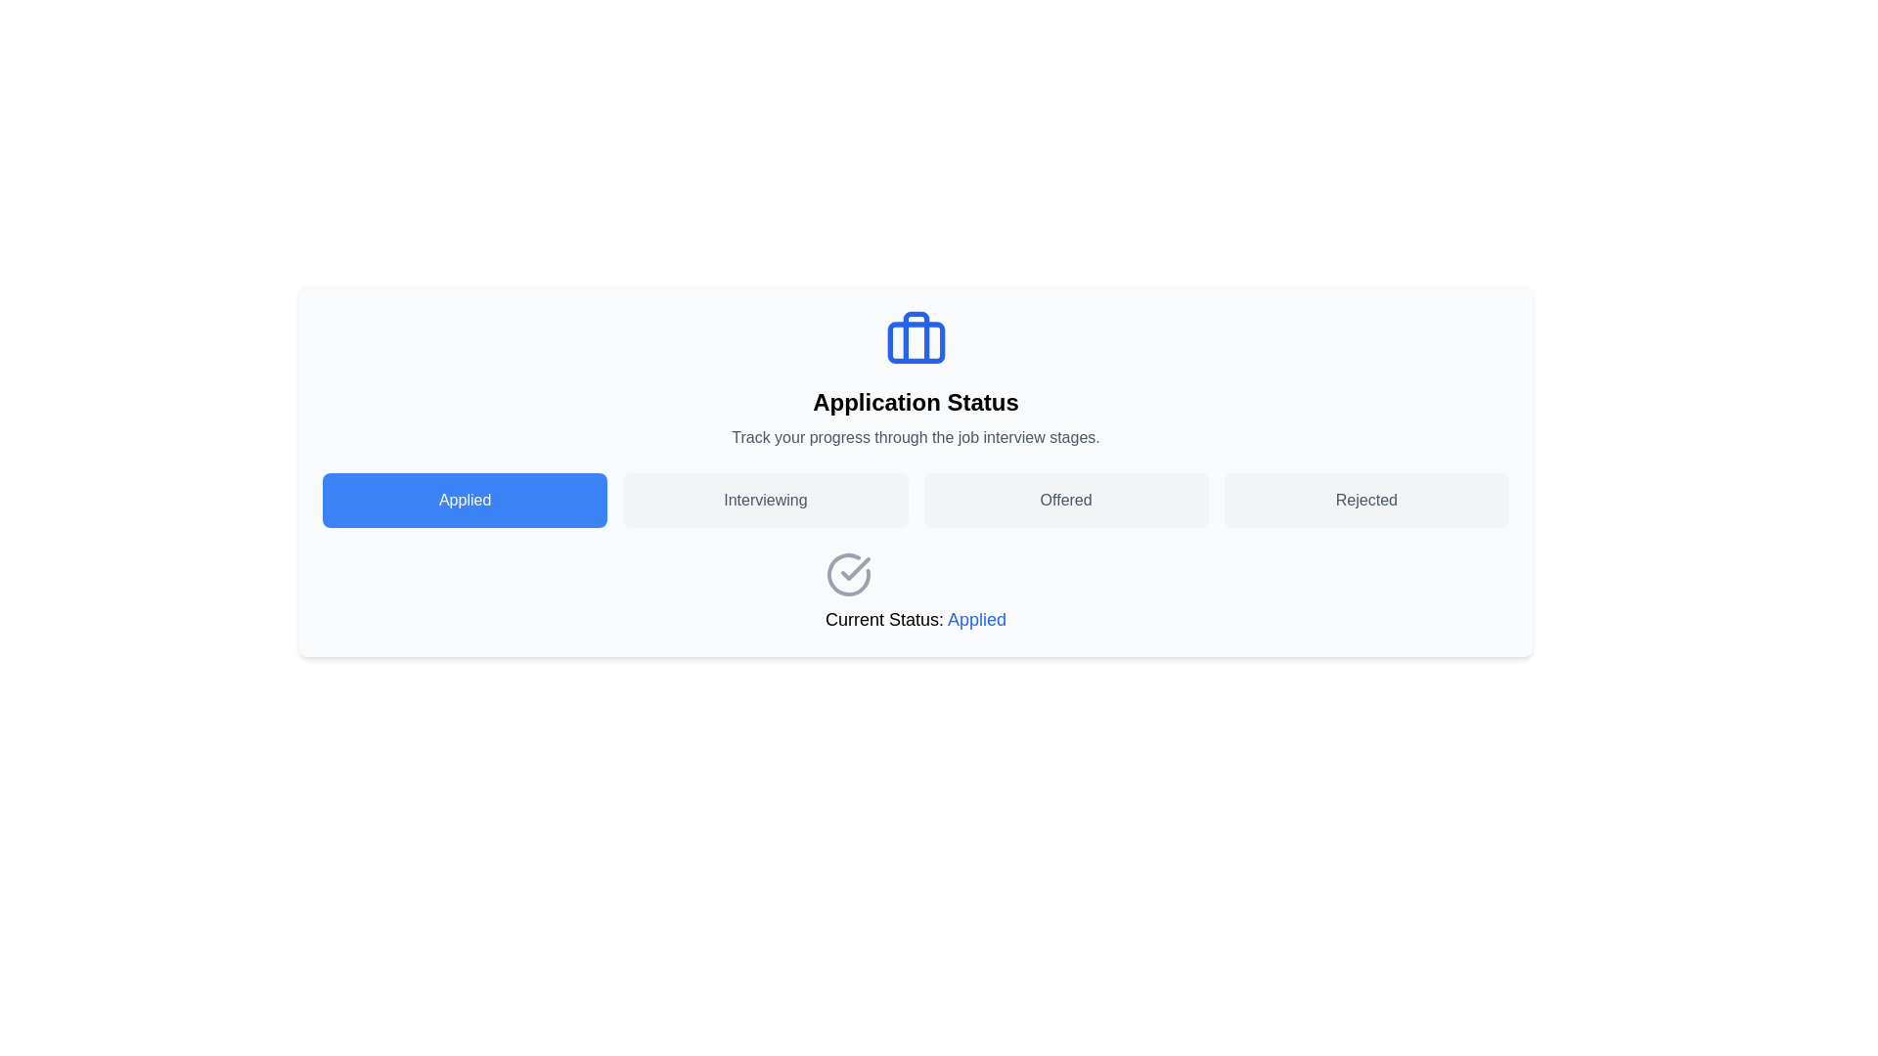  I want to click on the 'Offered' button in the application status tracking interface, so click(1065, 500).